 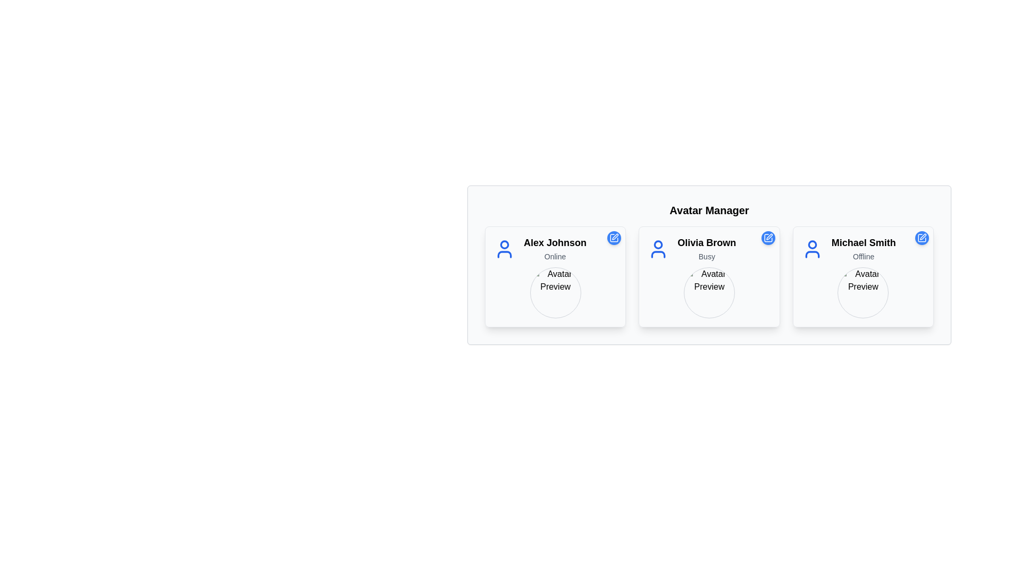 I want to click on the blue-colored user silhouette icon located in the top-left section of the panel for user 'Alex Johnson', positioned directly above their name and status text, so click(x=504, y=249).